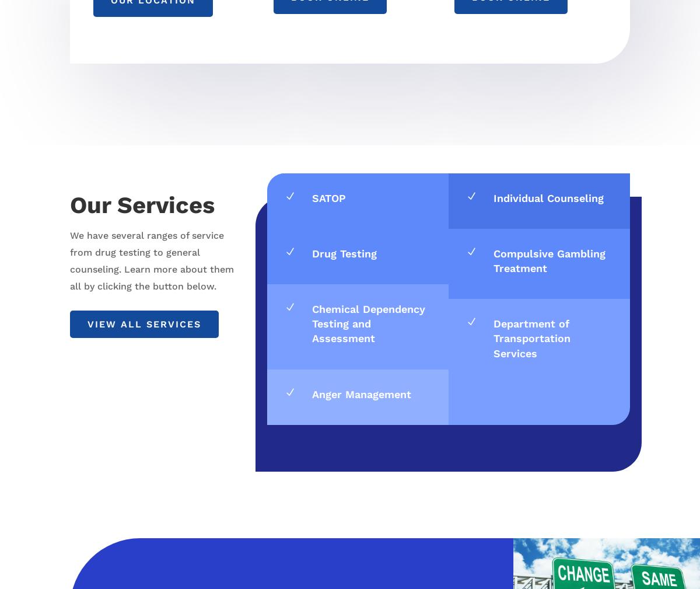  What do you see at coordinates (548, 197) in the screenshot?
I see `'Individual Counseling'` at bounding box center [548, 197].